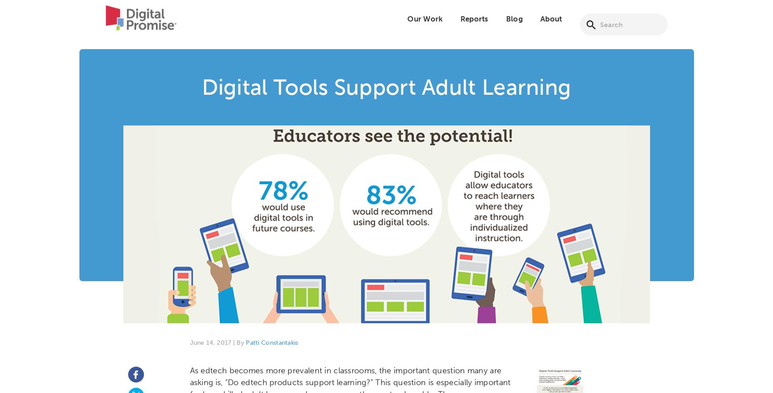 Image resolution: width=773 pixels, height=393 pixels. I want to click on 'Patti Constantakis', so click(272, 343).